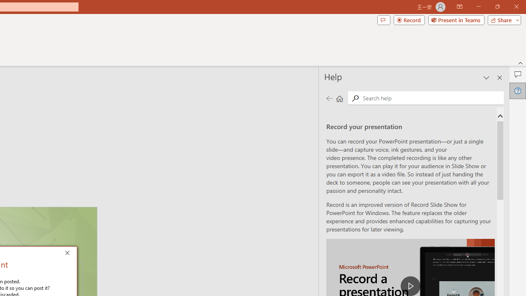 This screenshot has height=296, width=526. What do you see at coordinates (487, 78) in the screenshot?
I see `'Task Pane Options'` at bounding box center [487, 78].